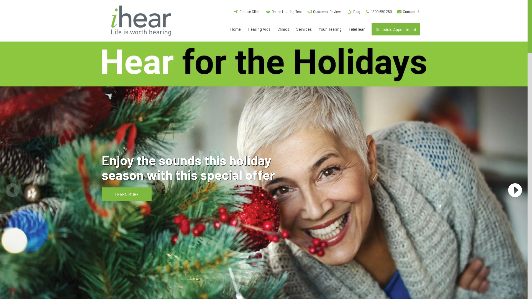 The height and width of the screenshot is (299, 532). What do you see at coordinates (356, 29) in the screenshot?
I see `'TeleHear'` at bounding box center [356, 29].